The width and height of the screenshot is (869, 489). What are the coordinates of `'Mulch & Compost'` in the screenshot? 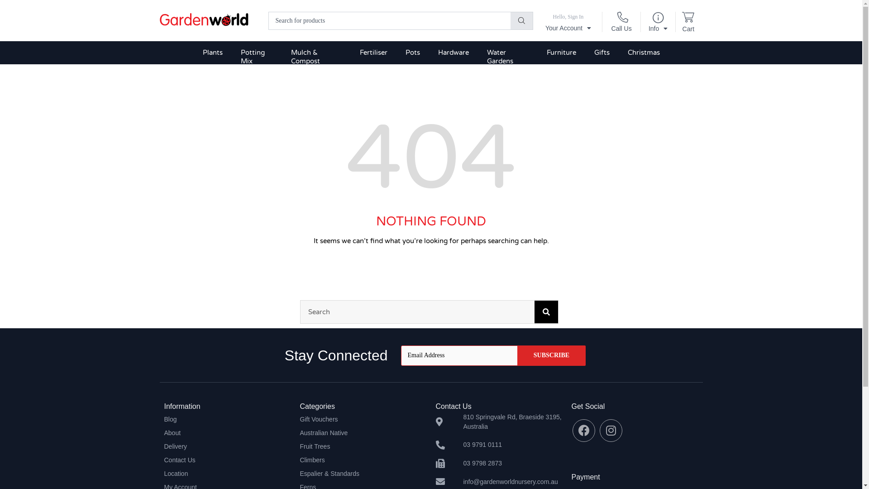 It's located at (316, 57).